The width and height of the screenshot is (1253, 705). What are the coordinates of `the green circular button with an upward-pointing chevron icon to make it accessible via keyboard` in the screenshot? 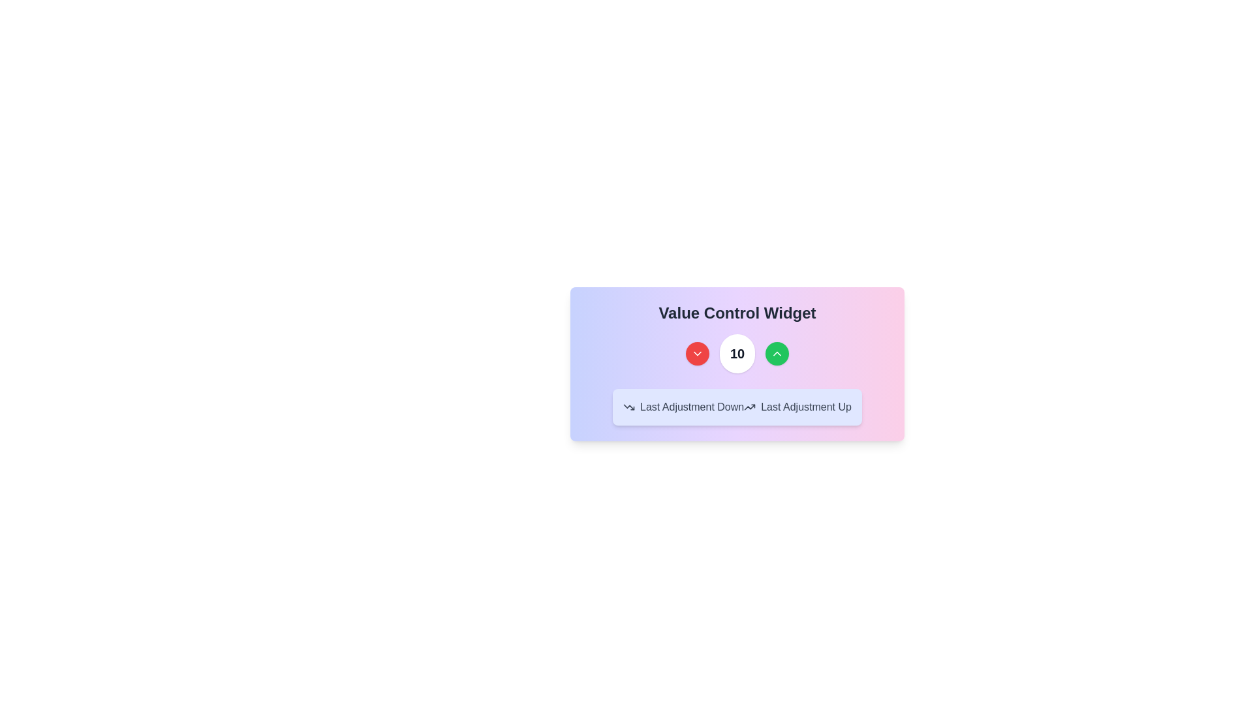 It's located at (777, 354).